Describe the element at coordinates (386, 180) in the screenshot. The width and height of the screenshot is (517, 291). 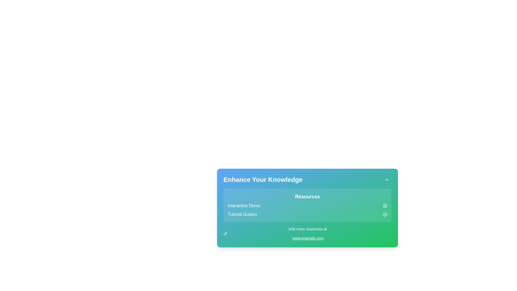
I see `the small triangular arrow icon pointing upwards located in the top-right corner of the card titled 'Enhance Your Knowledge'` at that location.